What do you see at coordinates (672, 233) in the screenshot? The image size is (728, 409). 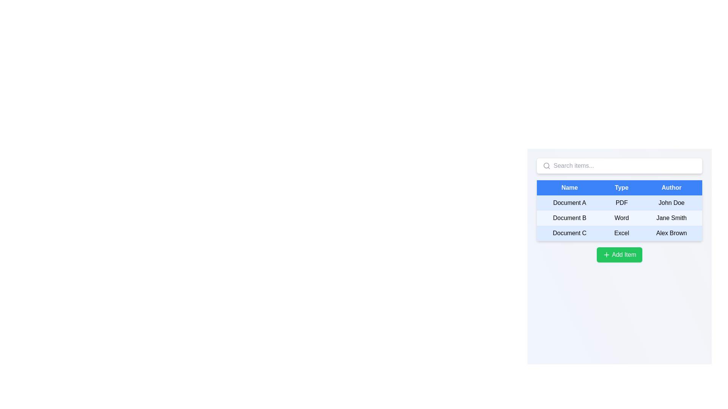 I see `the 'Alex Brown' text display in the third row of the 'Author' column in the data table` at bounding box center [672, 233].